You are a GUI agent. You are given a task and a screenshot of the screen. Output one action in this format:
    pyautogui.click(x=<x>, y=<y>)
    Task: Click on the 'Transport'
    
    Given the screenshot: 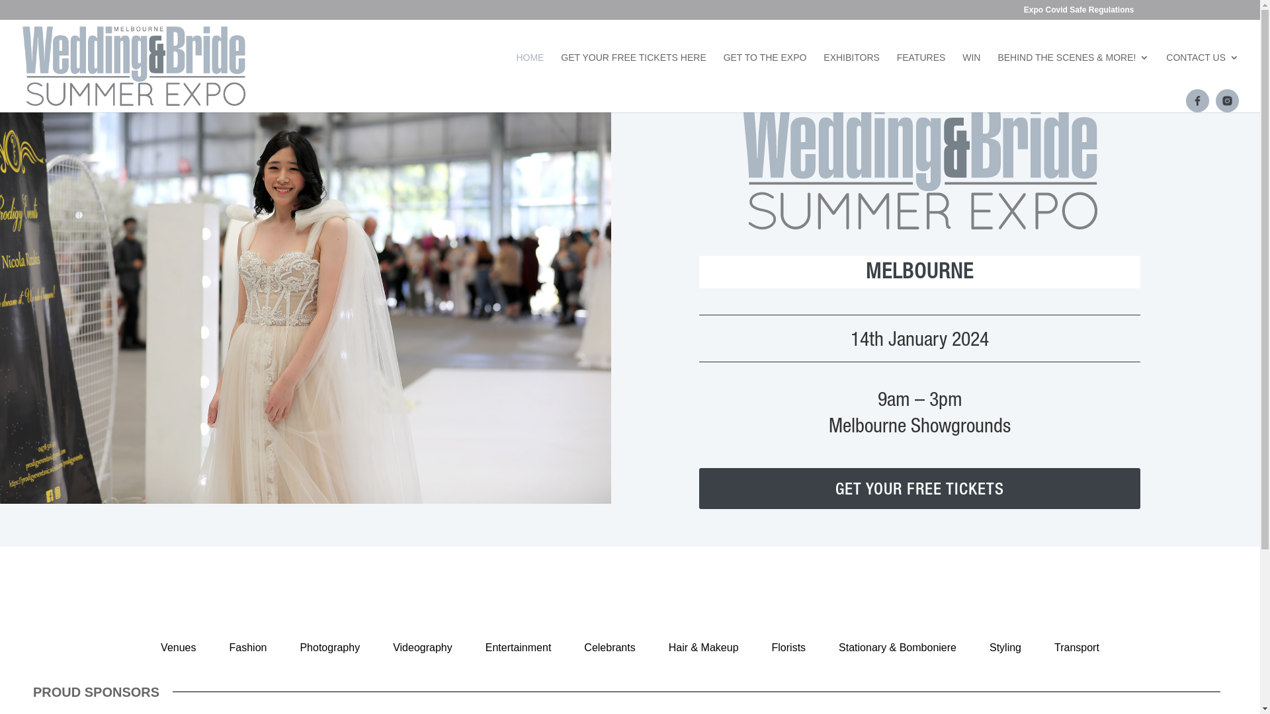 What is the action you would take?
    pyautogui.click(x=1076, y=647)
    